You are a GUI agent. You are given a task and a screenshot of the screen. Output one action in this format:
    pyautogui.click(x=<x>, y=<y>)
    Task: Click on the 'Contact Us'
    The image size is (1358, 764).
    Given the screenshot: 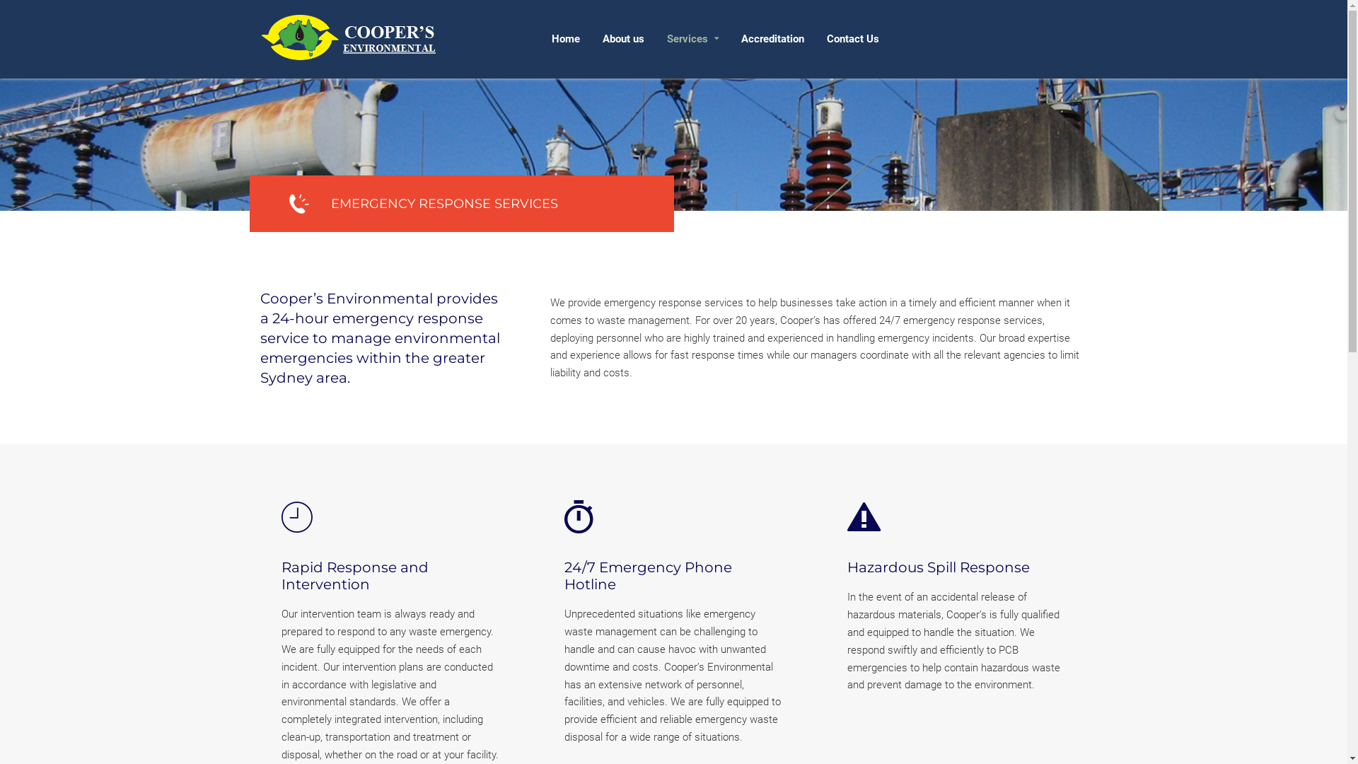 What is the action you would take?
    pyautogui.click(x=851, y=38)
    